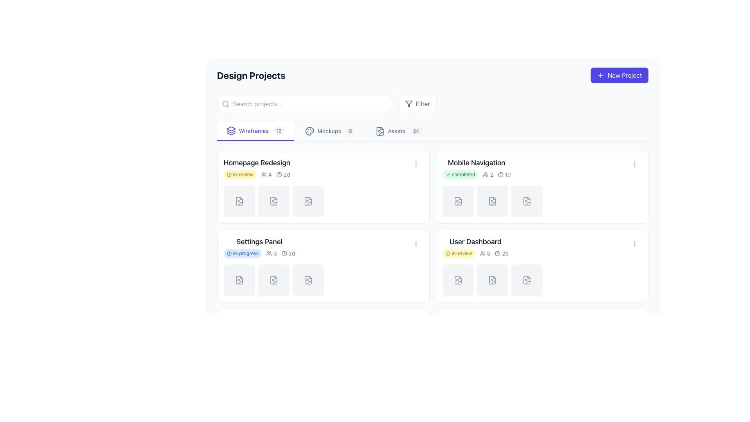  What do you see at coordinates (527, 201) in the screenshot?
I see `the third rectangular document-shaped icon in the 'Mobile Navigation' section located in the top-right quadrant of the interface` at bounding box center [527, 201].